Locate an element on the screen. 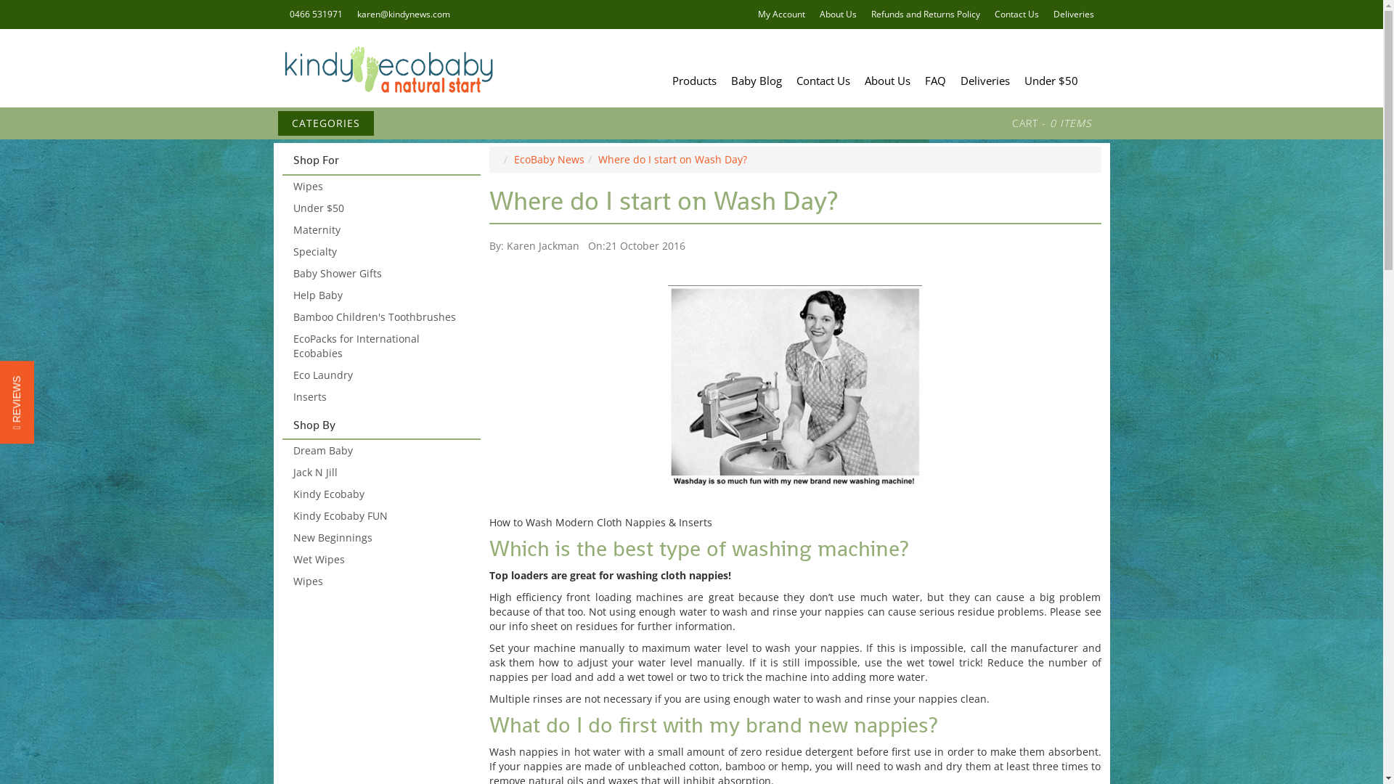 This screenshot has height=784, width=1394. 'Wipes' is located at coordinates (380, 186).